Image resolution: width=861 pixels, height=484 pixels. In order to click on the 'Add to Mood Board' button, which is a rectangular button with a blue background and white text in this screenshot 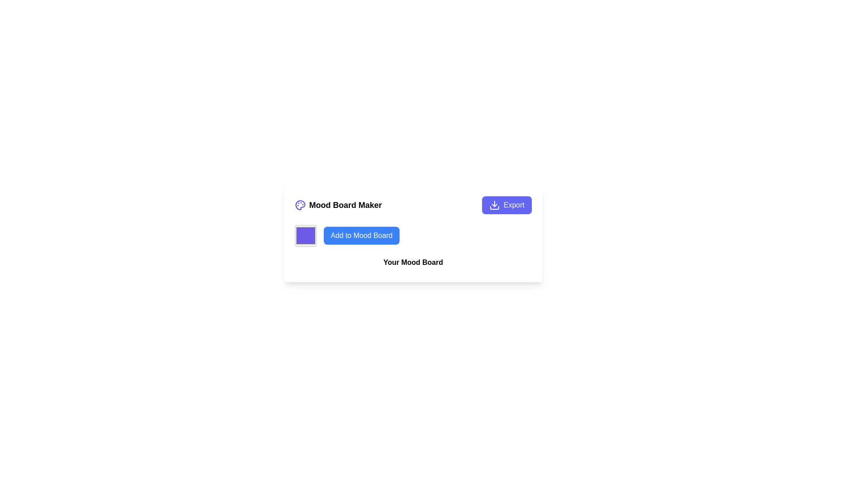, I will do `click(361, 235)`.